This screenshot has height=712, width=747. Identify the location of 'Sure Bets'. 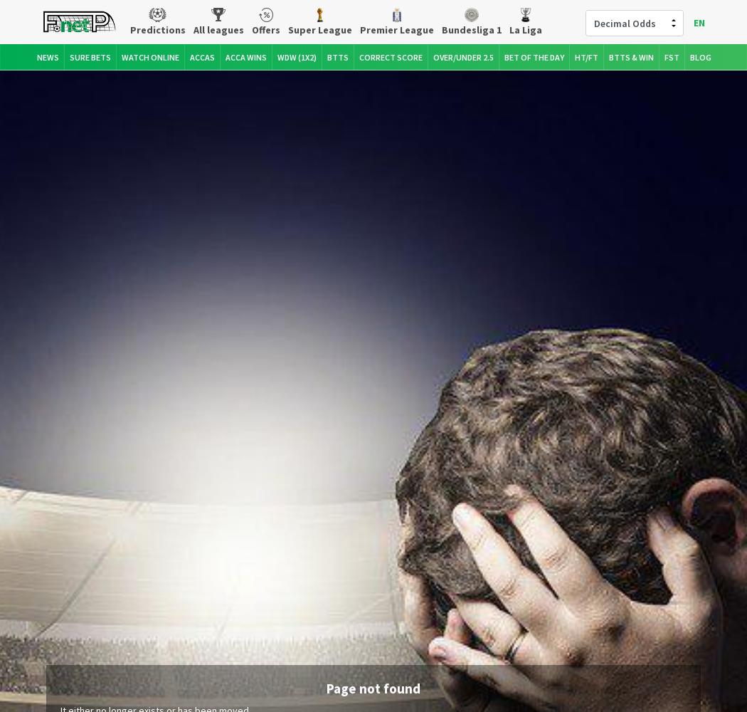
(90, 56).